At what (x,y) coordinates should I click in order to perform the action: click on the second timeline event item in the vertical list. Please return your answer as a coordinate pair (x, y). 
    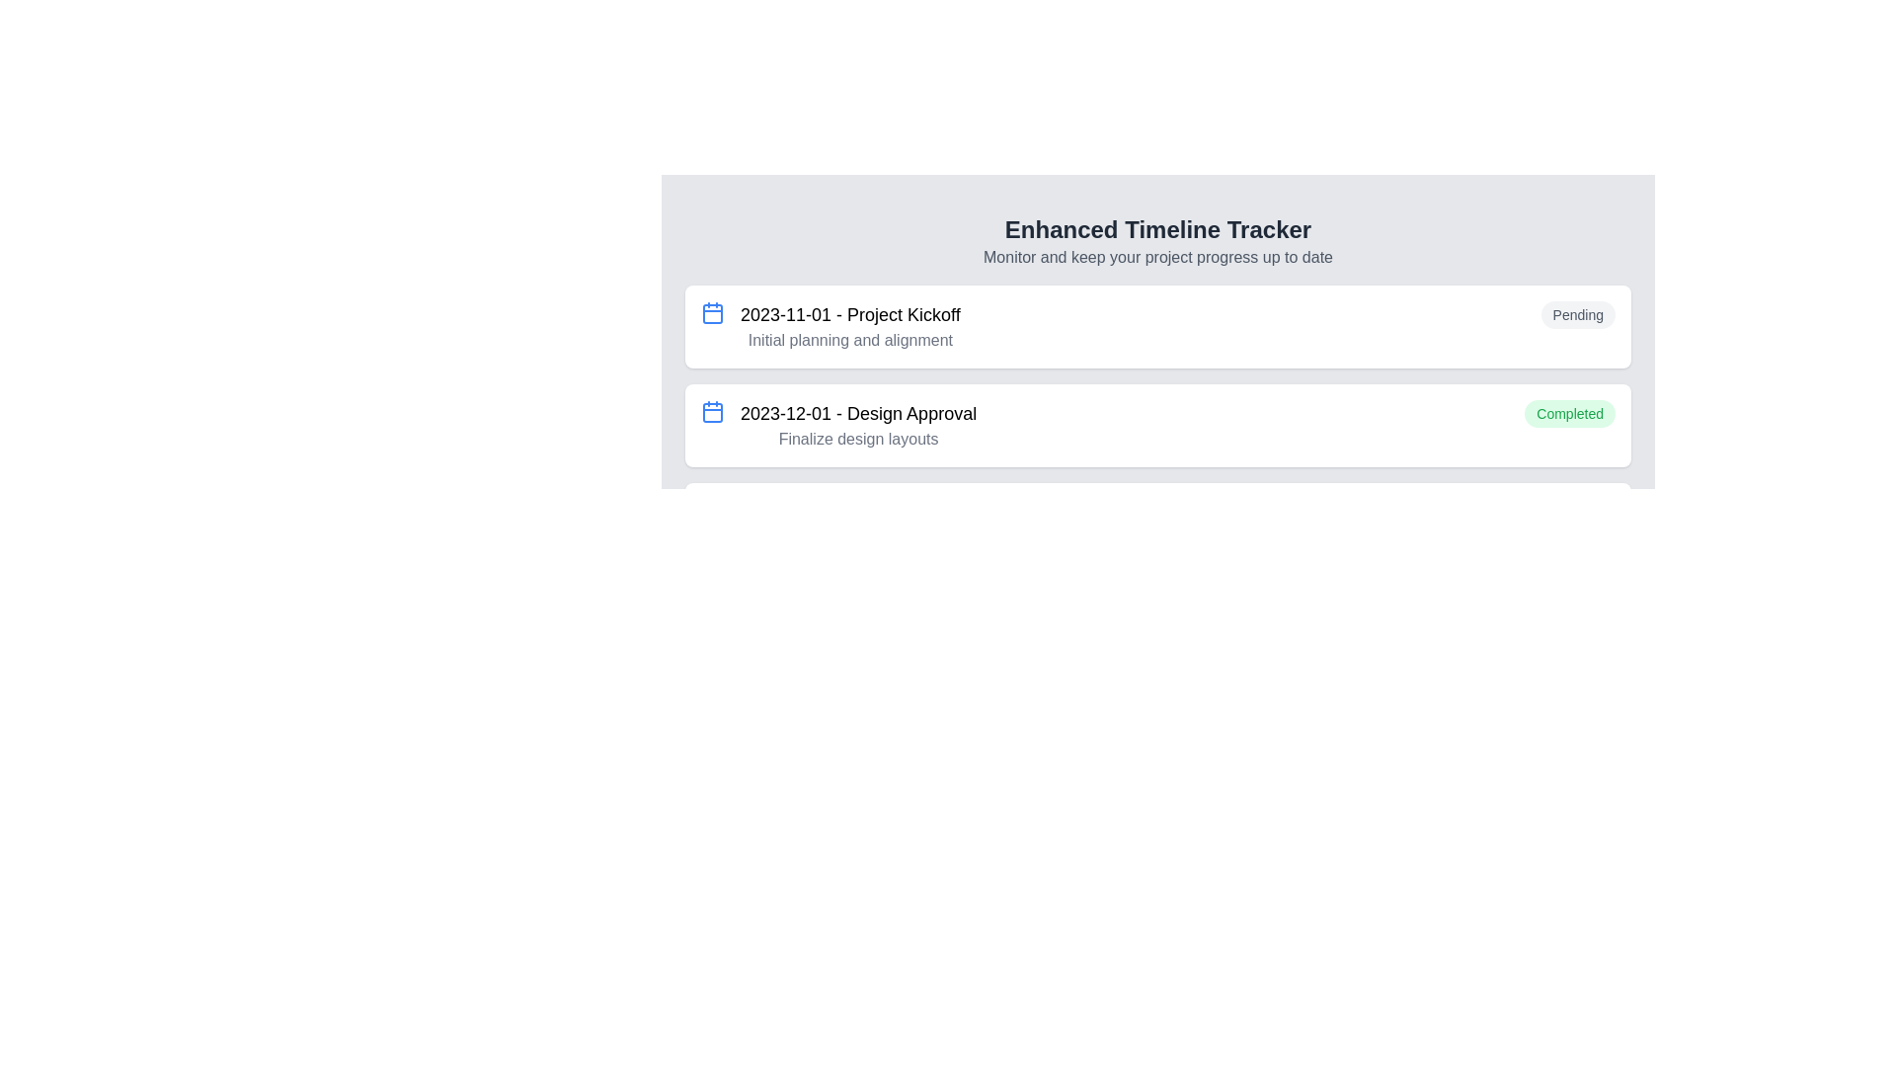
    Looking at the image, I should click on (1157, 425).